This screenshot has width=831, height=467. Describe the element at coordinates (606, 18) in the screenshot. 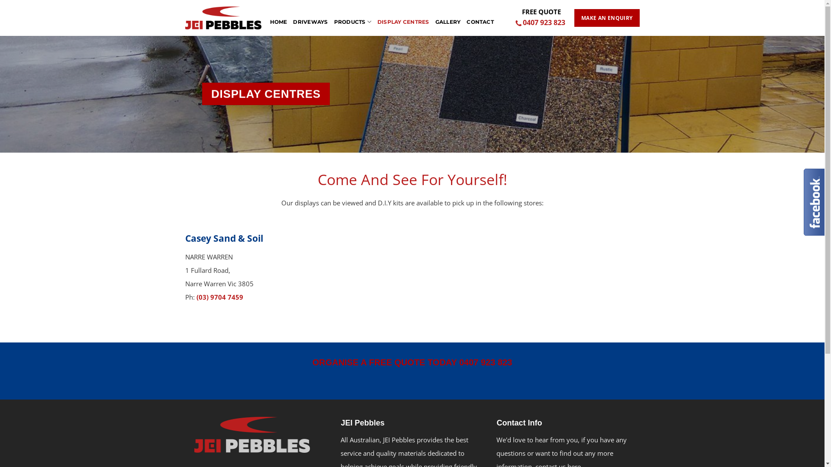

I see `'MAKE AN ENQUIRY'` at that location.